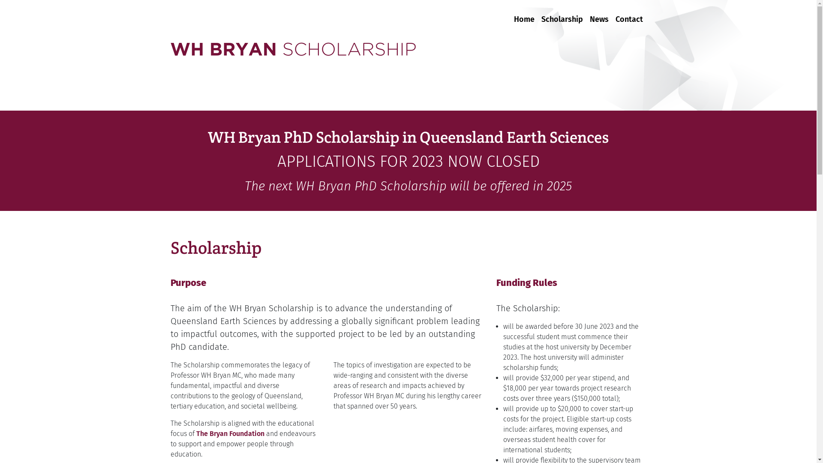  Describe the element at coordinates (230, 433) in the screenshot. I see `'The Bryan Foundation'` at that location.